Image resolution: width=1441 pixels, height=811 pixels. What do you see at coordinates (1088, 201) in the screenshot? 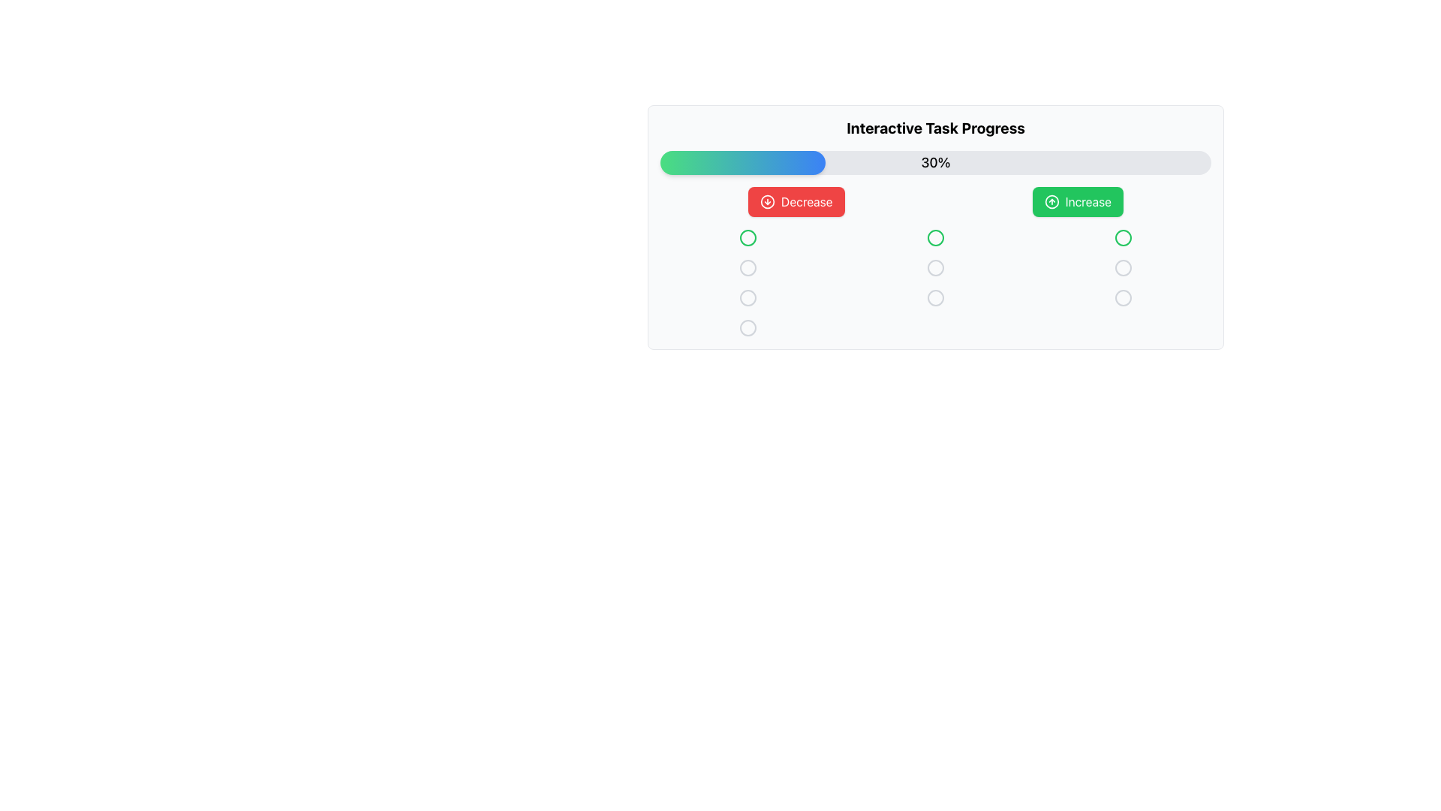
I see `the Text Label within the green button that indicates the increment operation, located to the right of the red 'Decrease' button` at bounding box center [1088, 201].